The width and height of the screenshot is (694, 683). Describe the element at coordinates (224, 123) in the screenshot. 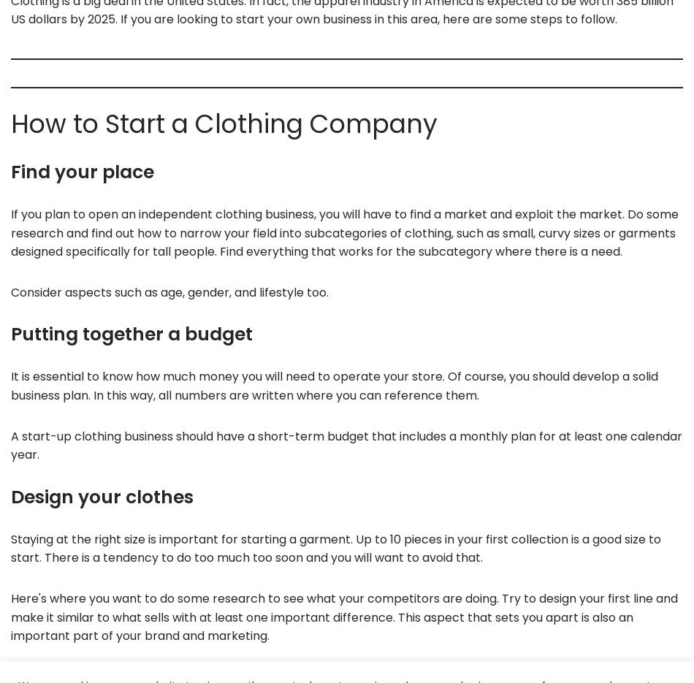

I see `'How to Start a Clothing Company'` at that location.